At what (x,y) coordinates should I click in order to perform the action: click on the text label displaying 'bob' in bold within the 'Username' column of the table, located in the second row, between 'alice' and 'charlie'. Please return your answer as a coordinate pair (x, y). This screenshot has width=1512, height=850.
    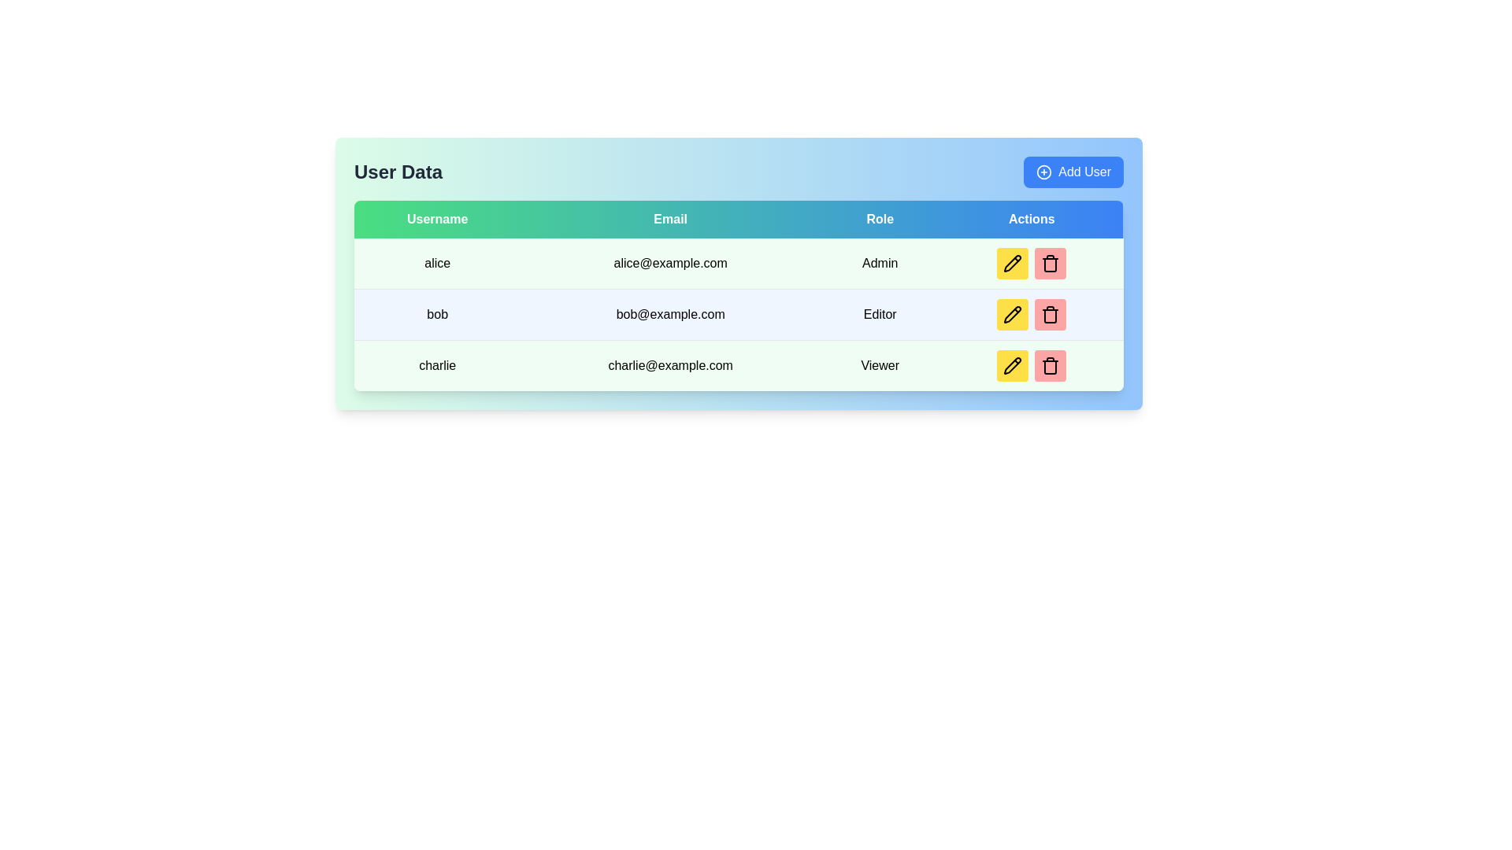
    Looking at the image, I should click on (437, 315).